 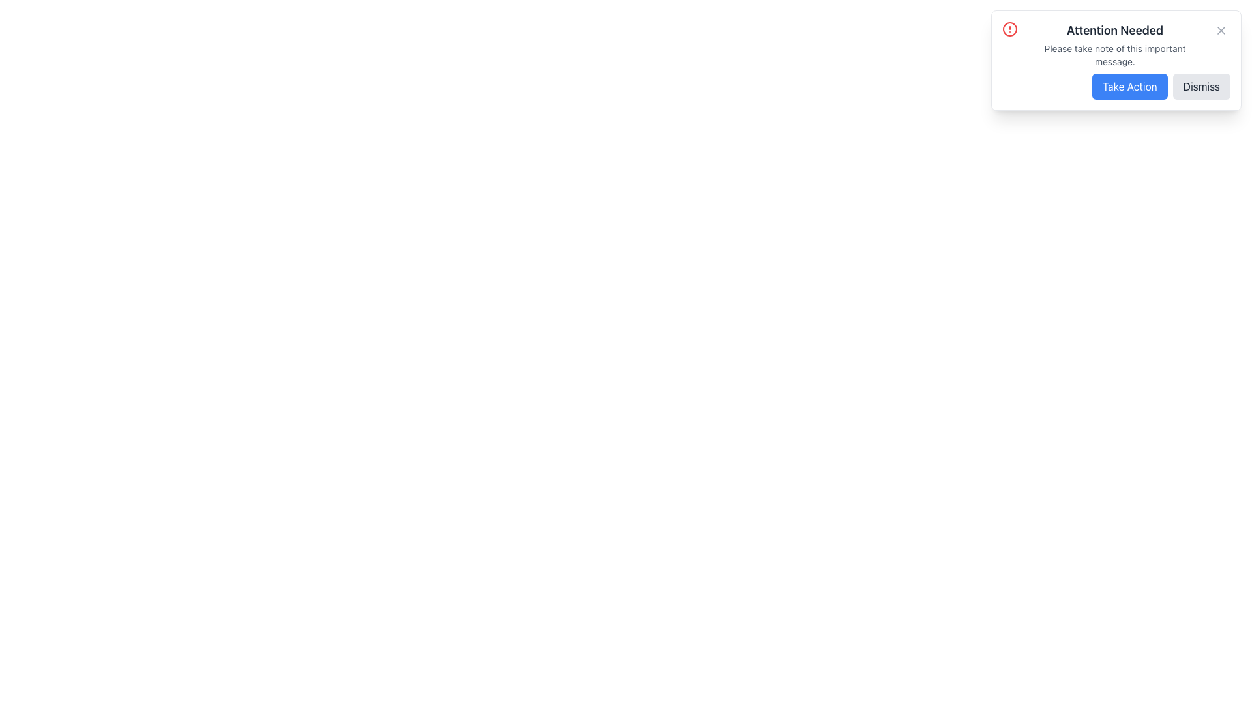 What do you see at coordinates (1129, 86) in the screenshot?
I see `the blue button labeled 'Take Action' to change its appearance` at bounding box center [1129, 86].